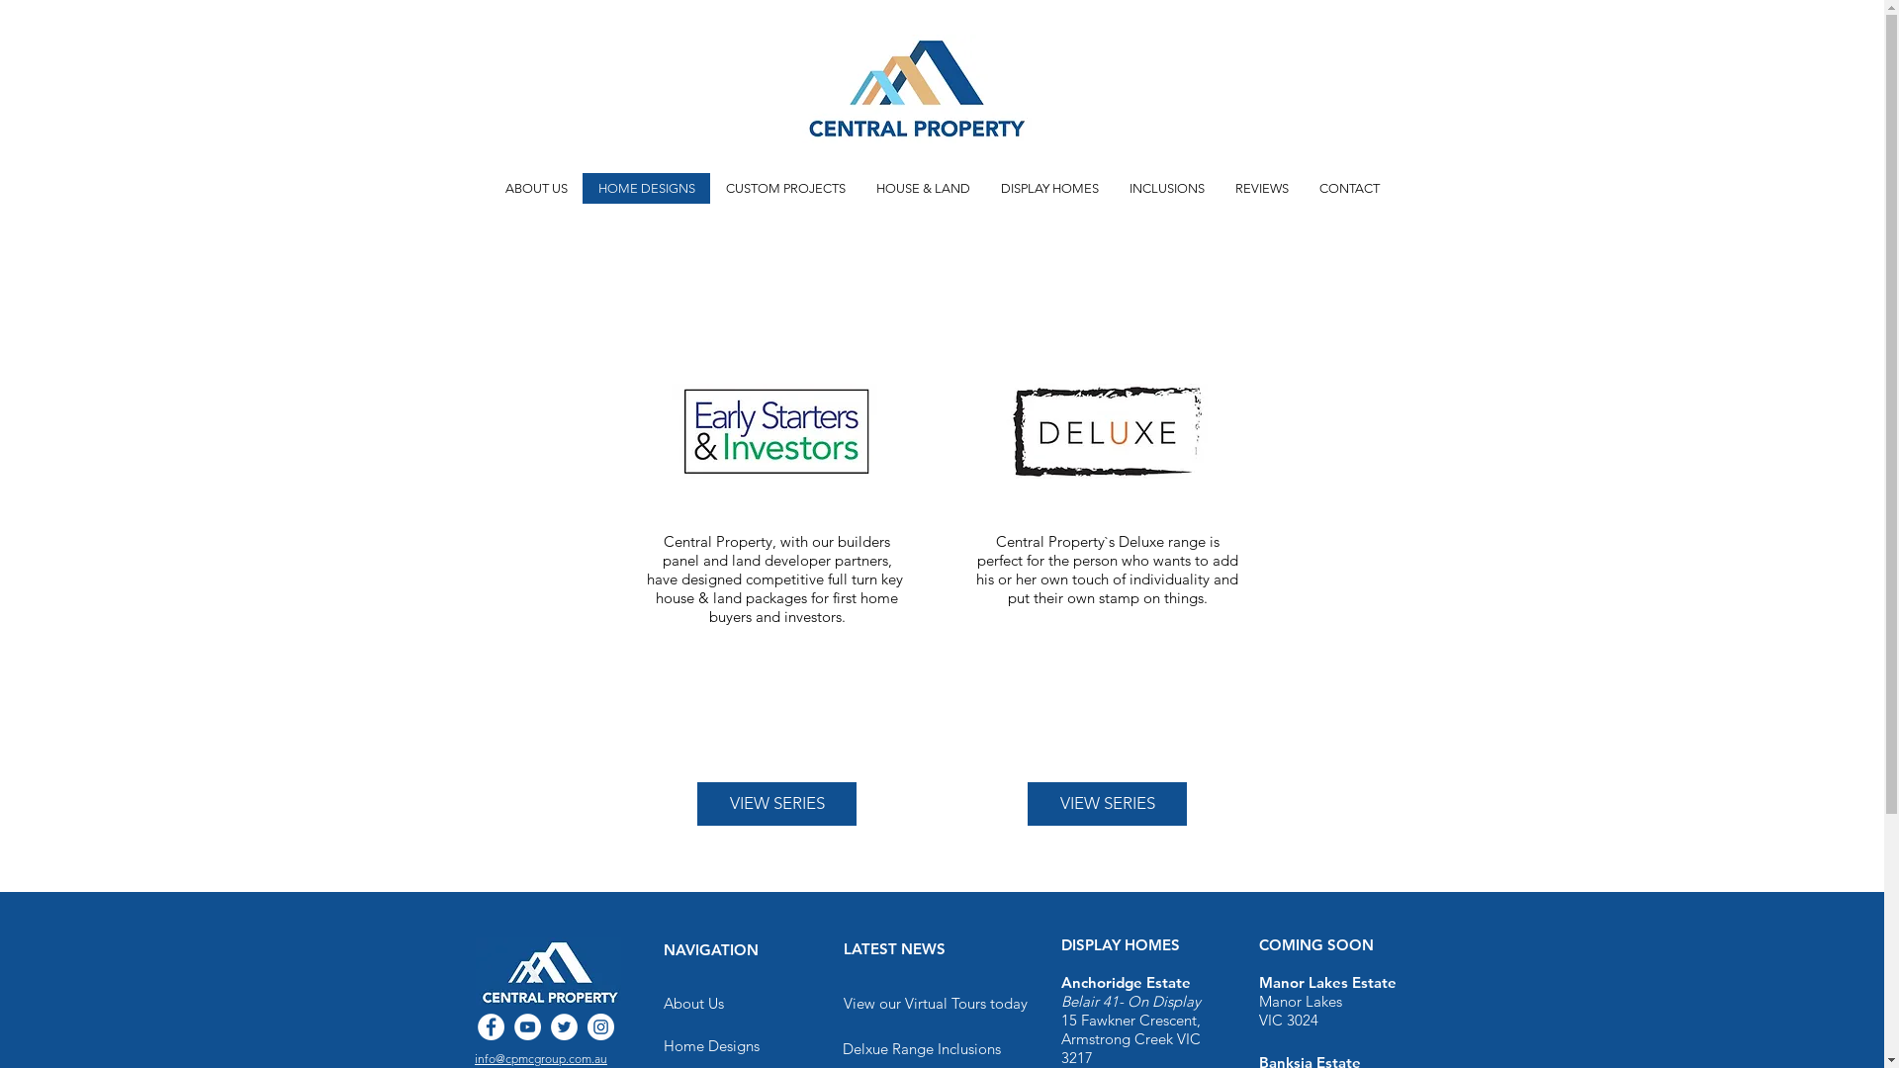 This screenshot has width=1899, height=1068. What do you see at coordinates (775, 804) in the screenshot?
I see `'VIEW SERIES'` at bounding box center [775, 804].